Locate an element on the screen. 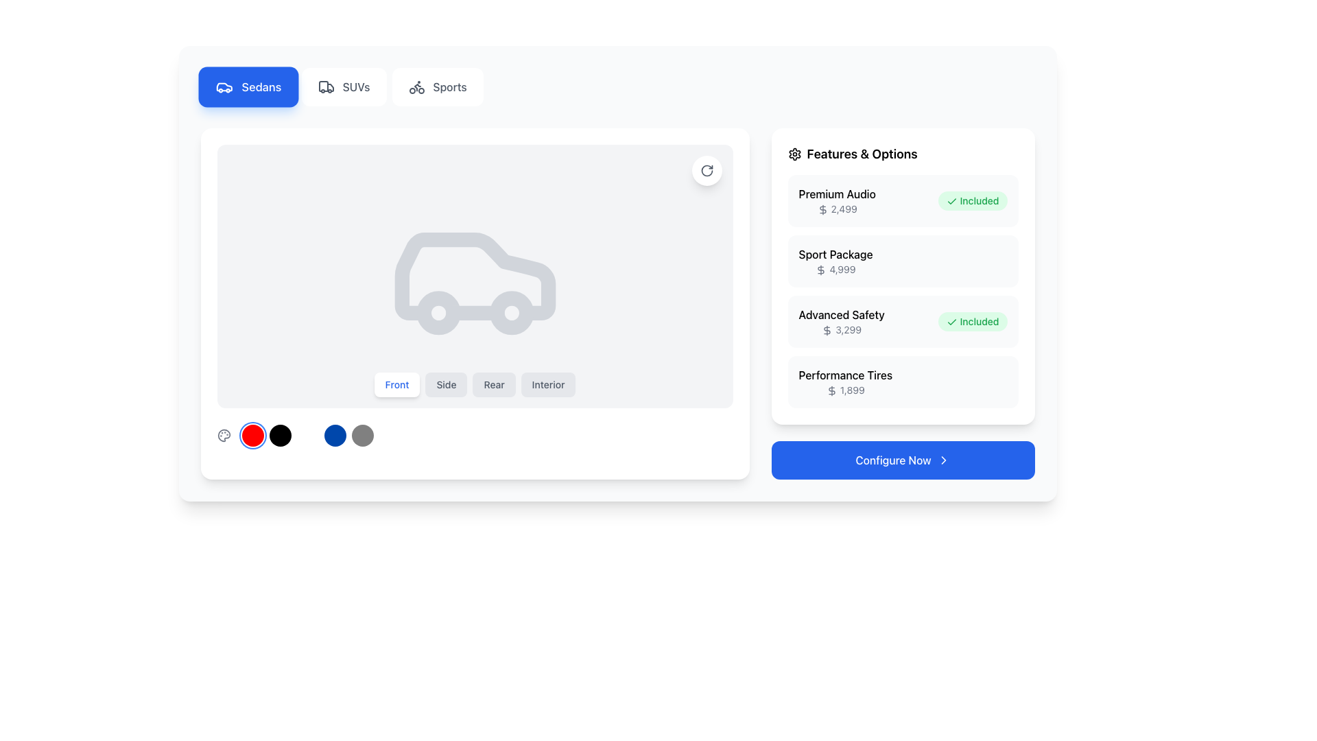 The height and width of the screenshot is (741, 1317). information displayed on the 'Premium Audio' informational card located in the 'Features & Options' section, the first item in the vertical list of options is located at coordinates (903, 201).